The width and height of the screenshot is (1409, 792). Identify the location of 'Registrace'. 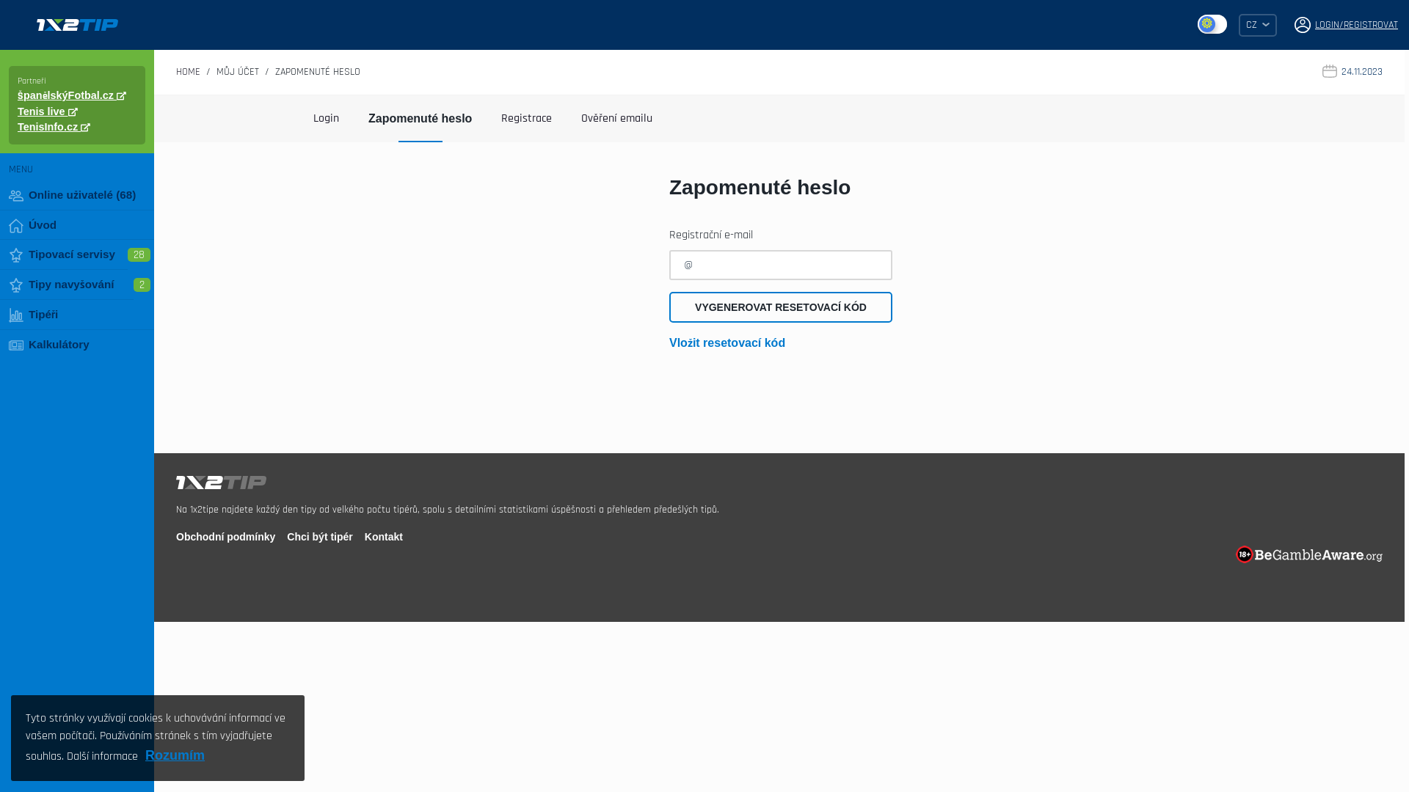
(526, 117).